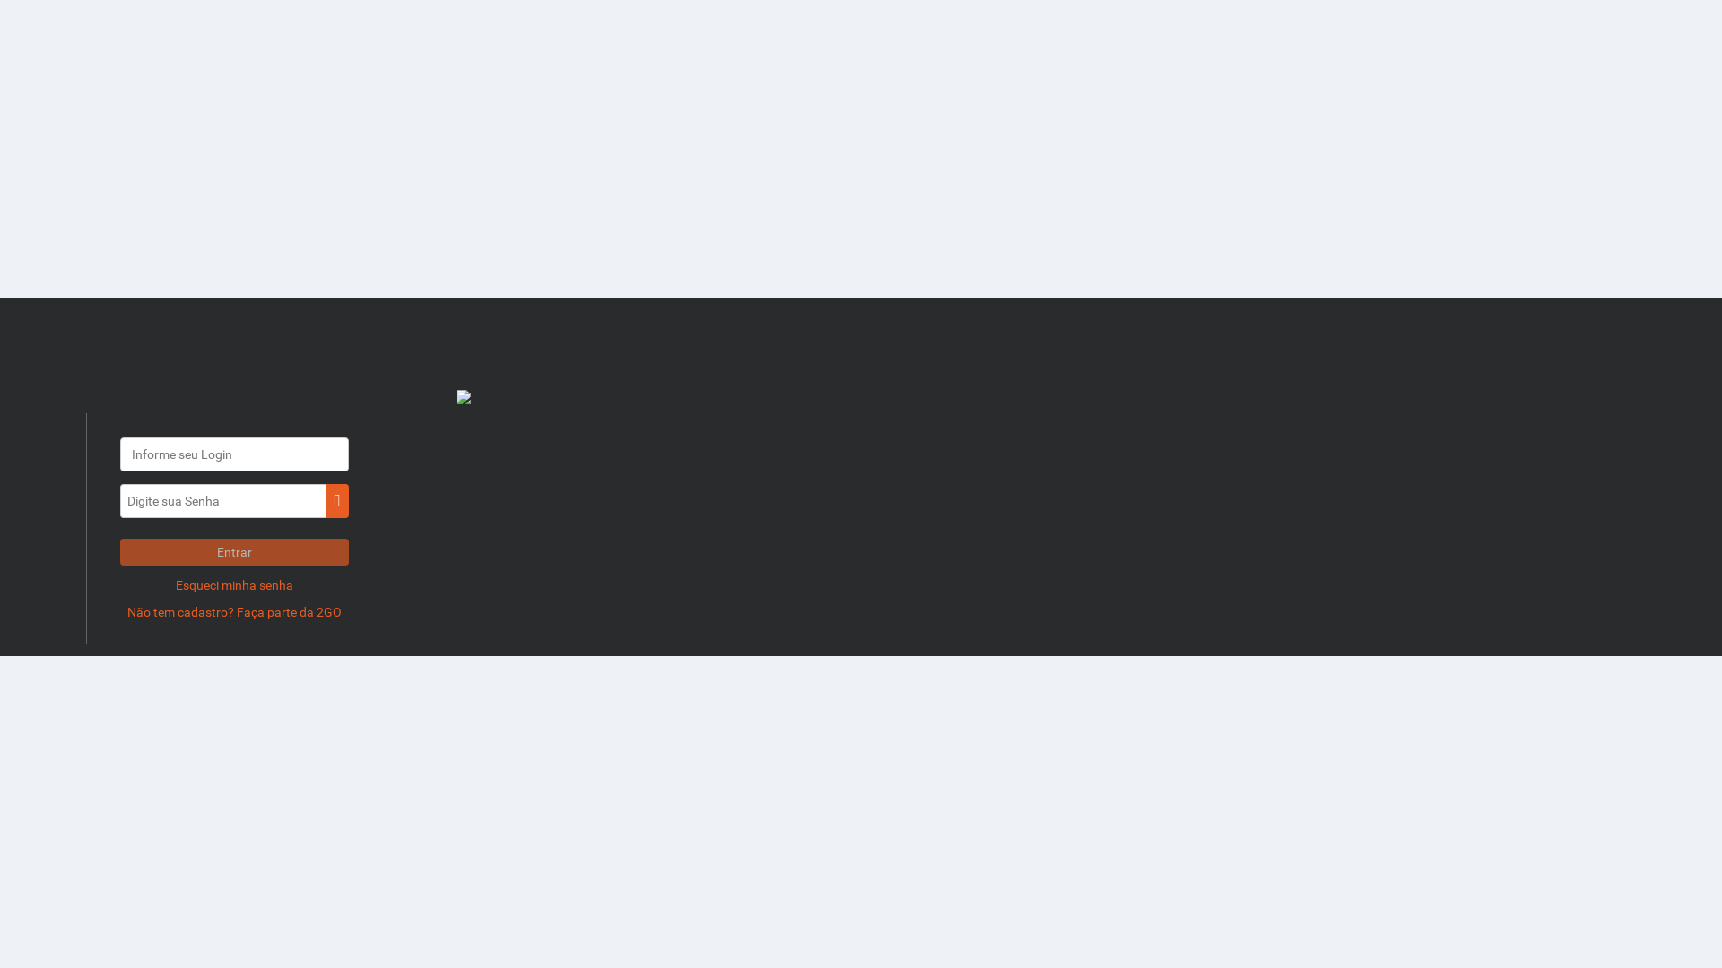  I want to click on 'Esqueci minha senha', so click(112, 584).